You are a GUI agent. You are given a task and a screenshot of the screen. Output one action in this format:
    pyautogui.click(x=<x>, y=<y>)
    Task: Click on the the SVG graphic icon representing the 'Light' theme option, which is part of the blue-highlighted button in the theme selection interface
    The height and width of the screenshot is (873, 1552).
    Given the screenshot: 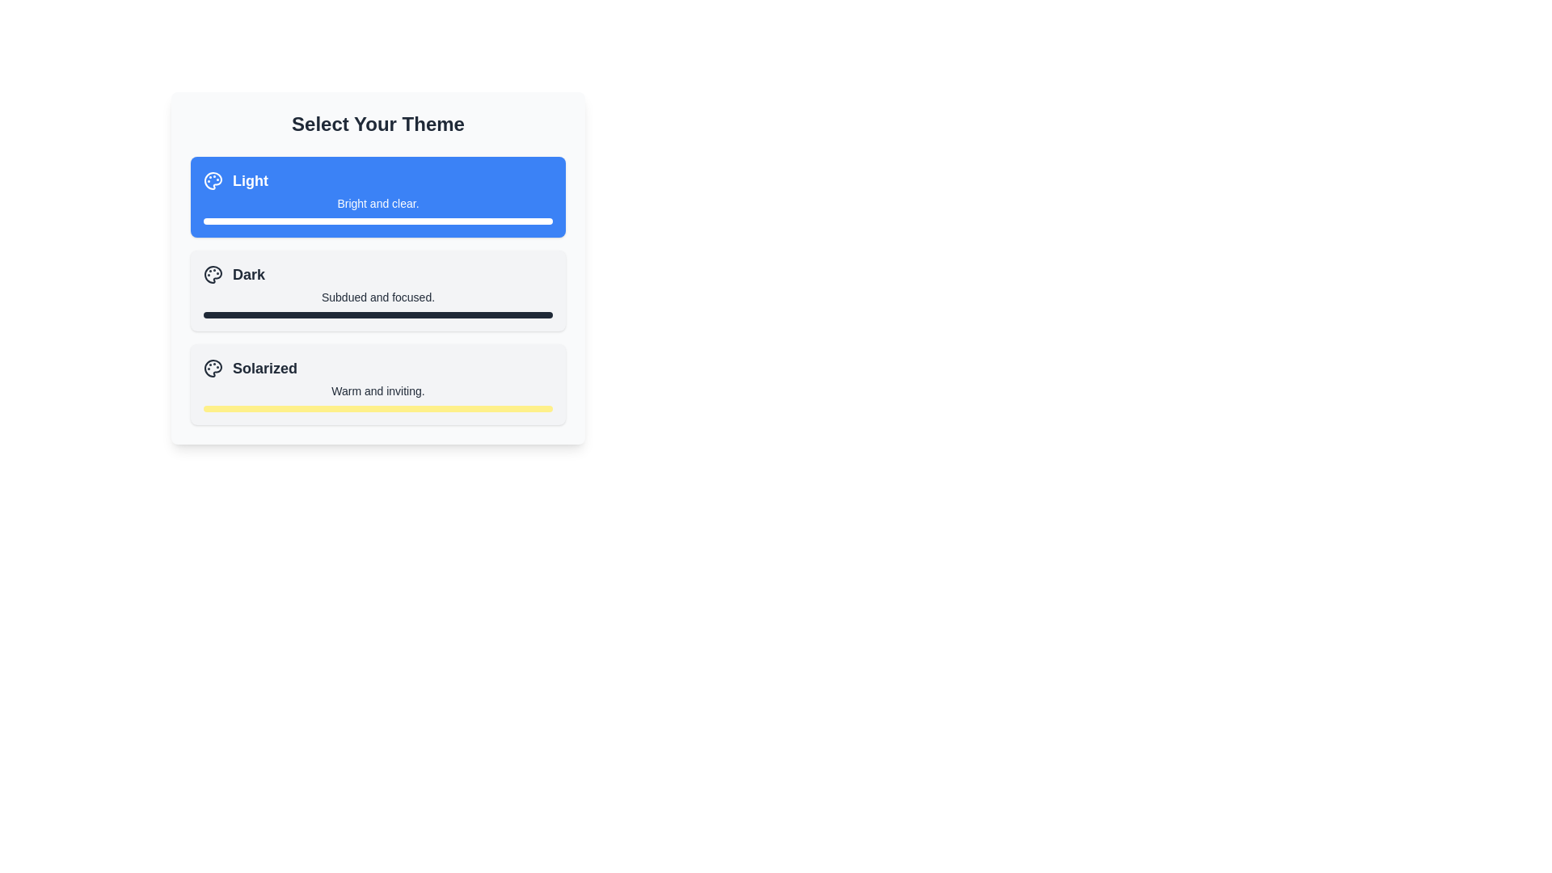 What is the action you would take?
    pyautogui.click(x=213, y=180)
    